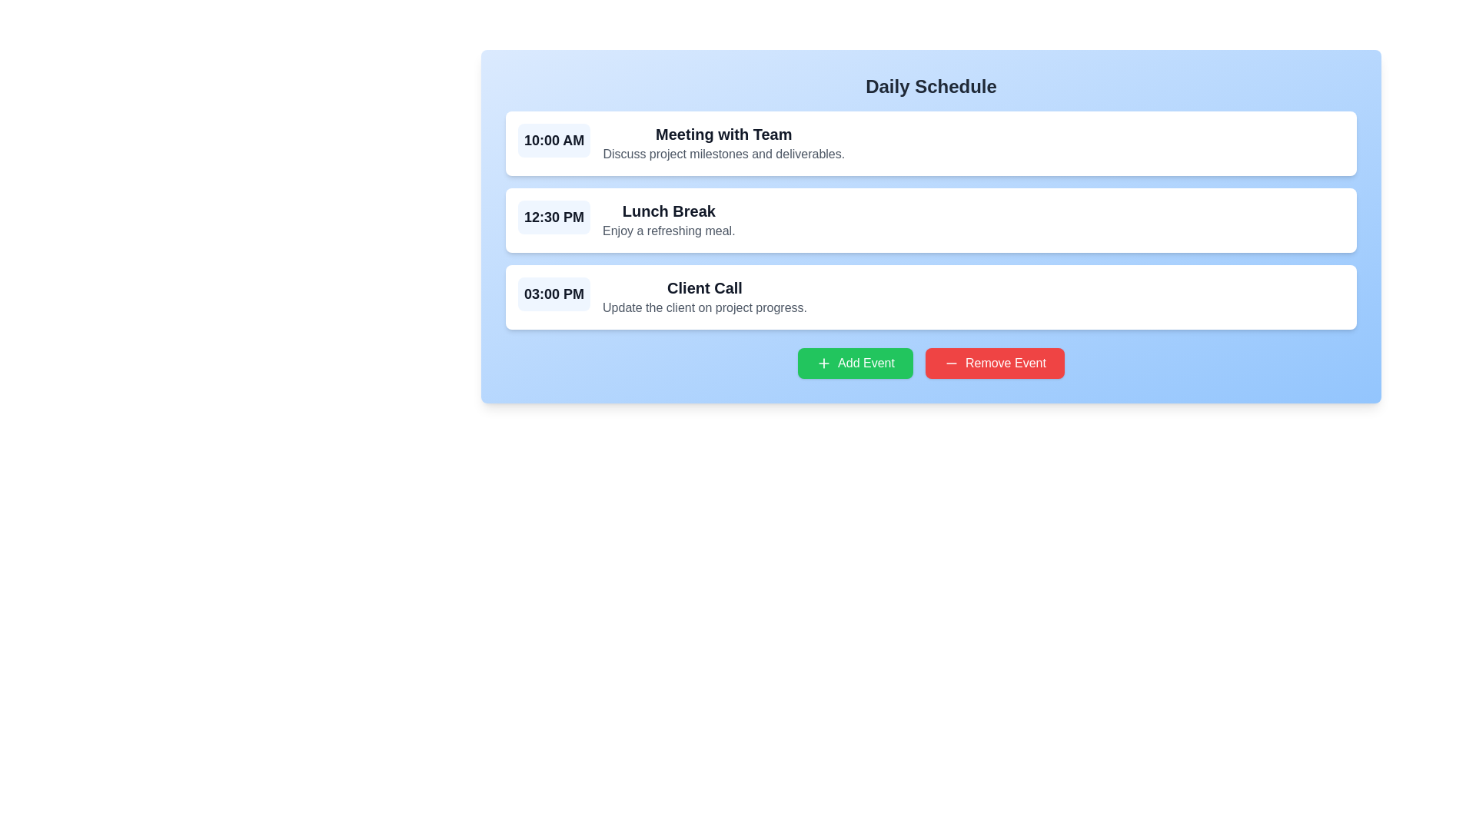 Image resolution: width=1476 pixels, height=830 pixels. What do you see at coordinates (823, 364) in the screenshot?
I see `the green circular button with a white plus sign` at bounding box center [823, 364].